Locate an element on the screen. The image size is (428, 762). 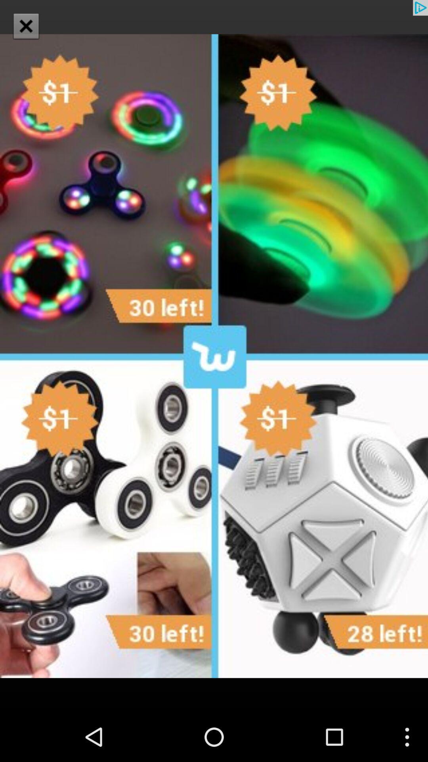
the close icon is located at coordinates (25, 28).